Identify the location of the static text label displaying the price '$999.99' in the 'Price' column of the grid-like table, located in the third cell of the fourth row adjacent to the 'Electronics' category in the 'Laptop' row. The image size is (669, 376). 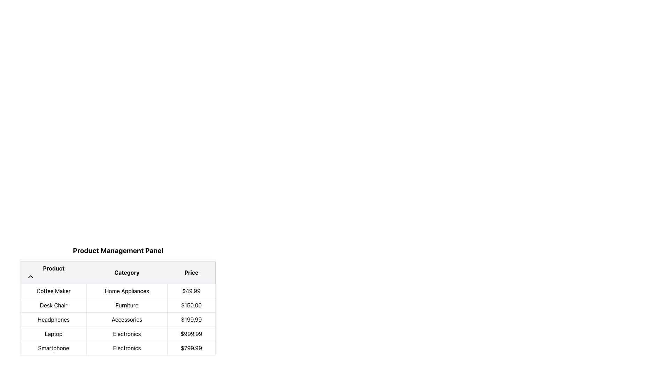
(191, 334).